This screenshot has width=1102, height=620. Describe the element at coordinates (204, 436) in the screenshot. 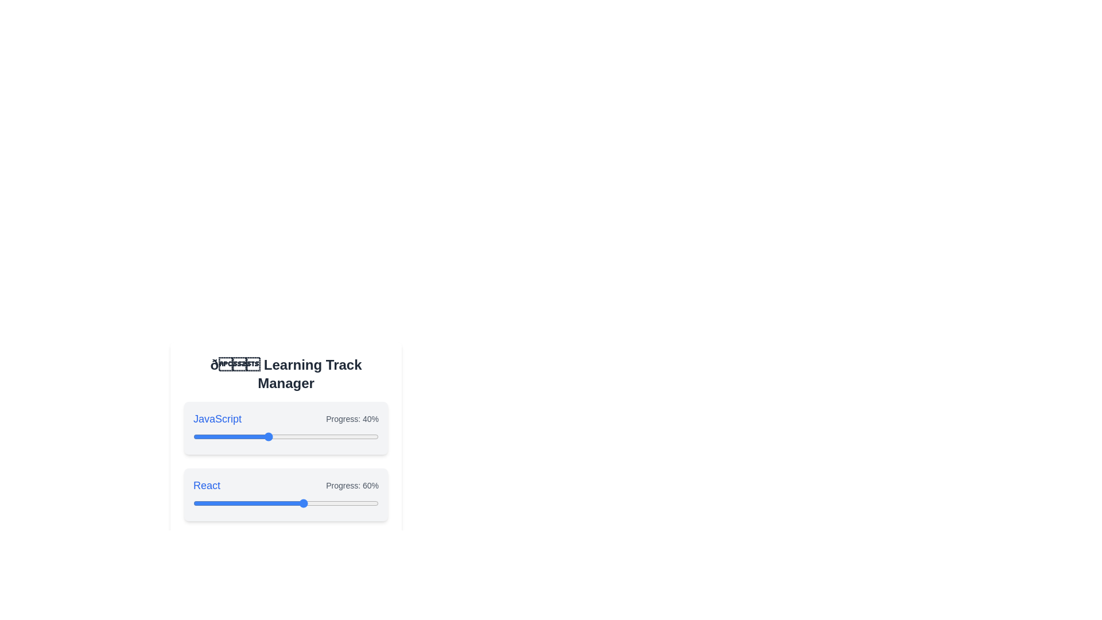

I see `the progress for 'JavaScript' track` at that location.